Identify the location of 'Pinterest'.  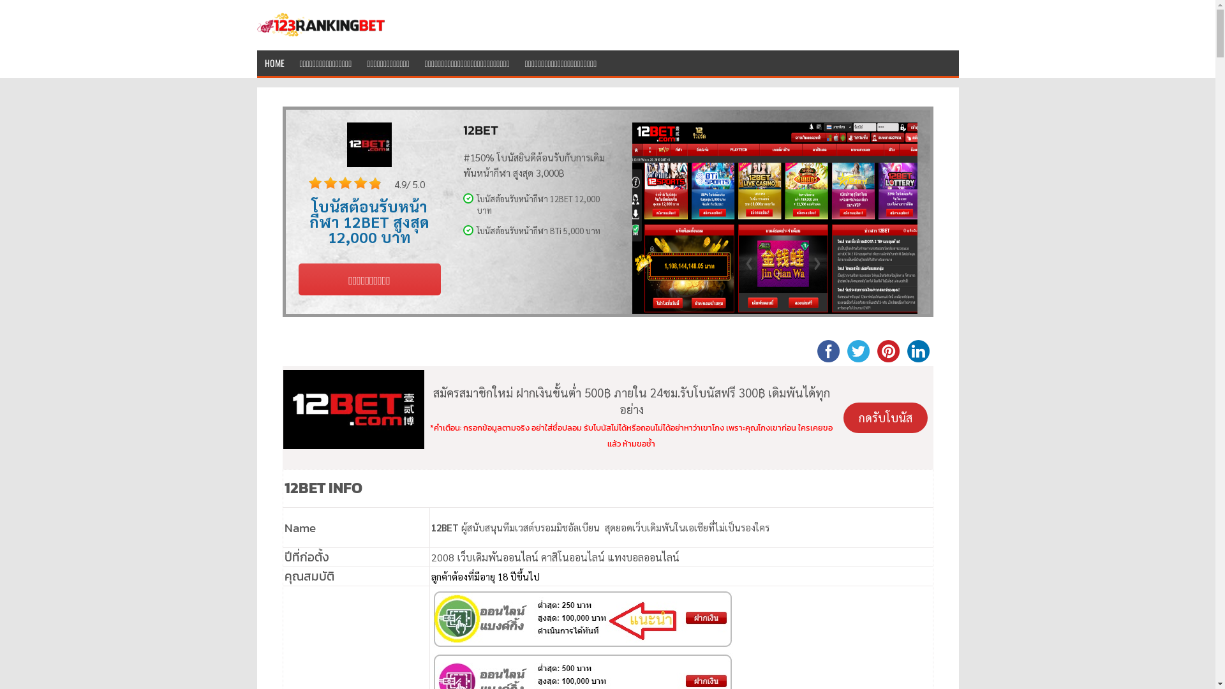
(872, 350).